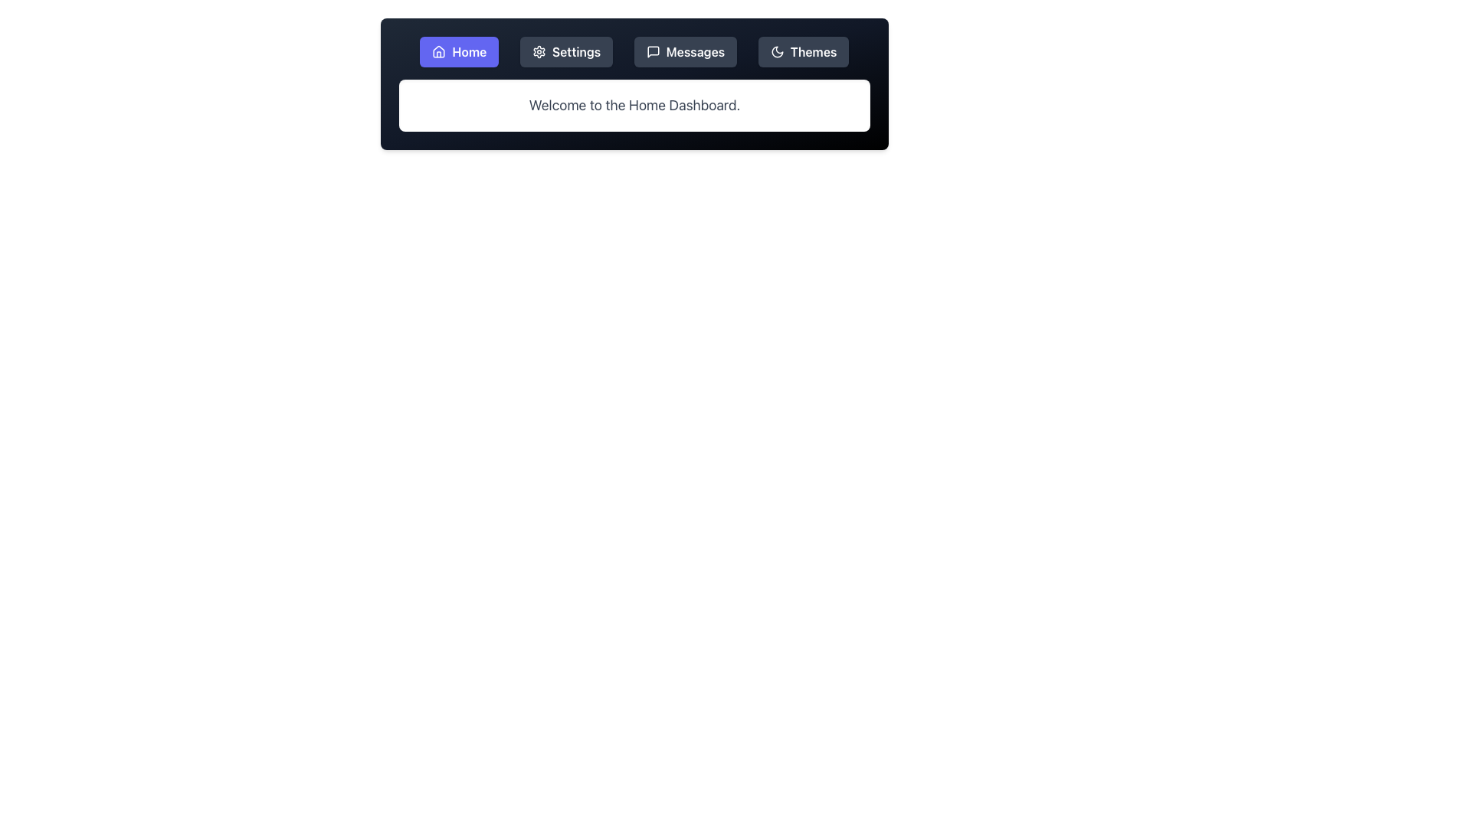 This screenshot has width=1471, height=827. I want to click on the 'Messages' button, which is the third button in a horizontal row of navigation buttons, to change its styling, so click(684, 51).